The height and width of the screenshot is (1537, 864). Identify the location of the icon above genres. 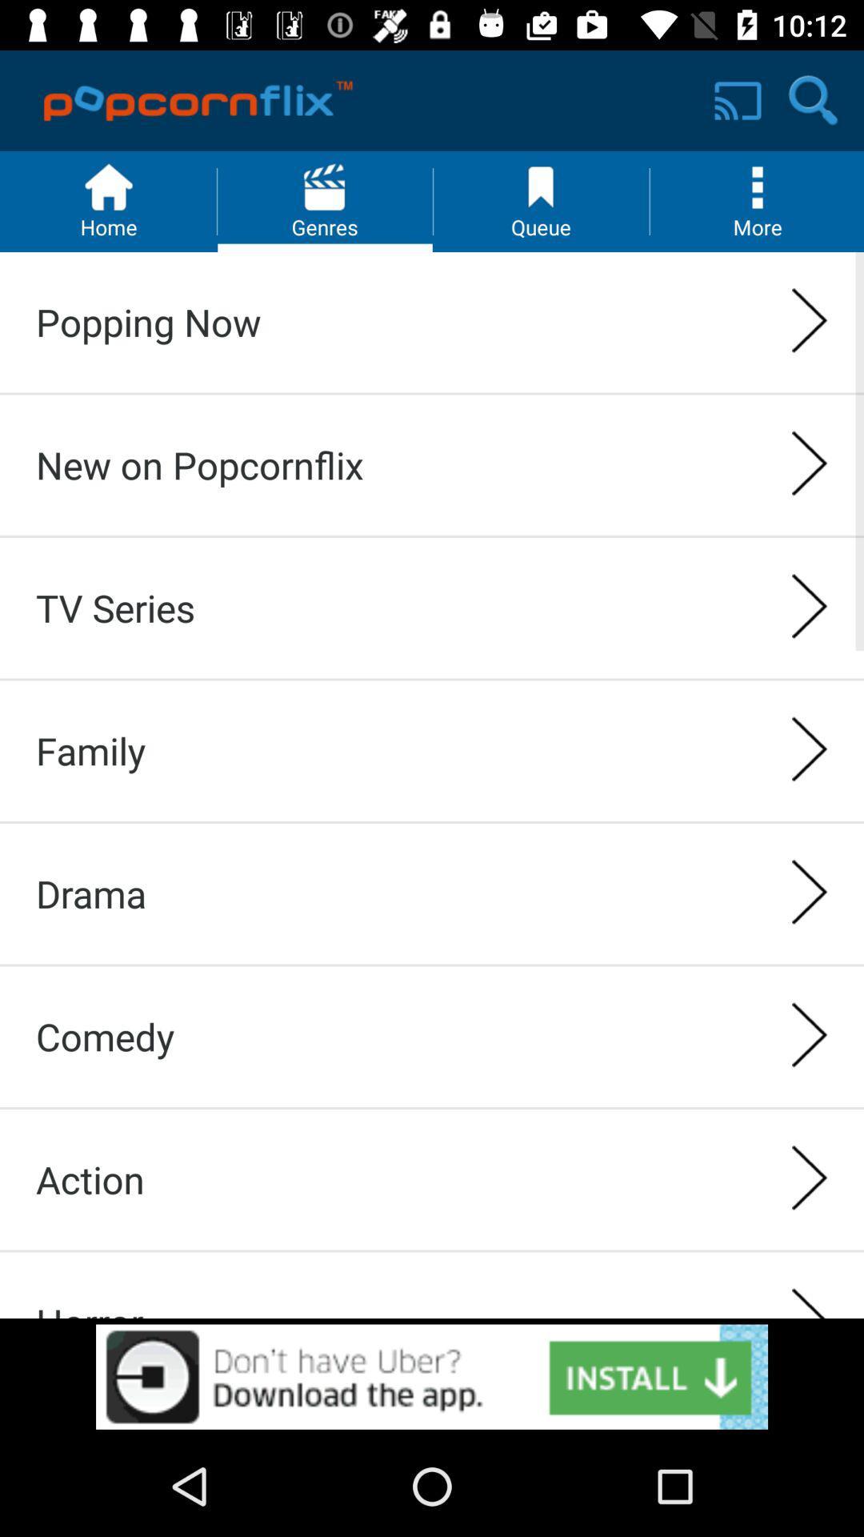
(324, 187).